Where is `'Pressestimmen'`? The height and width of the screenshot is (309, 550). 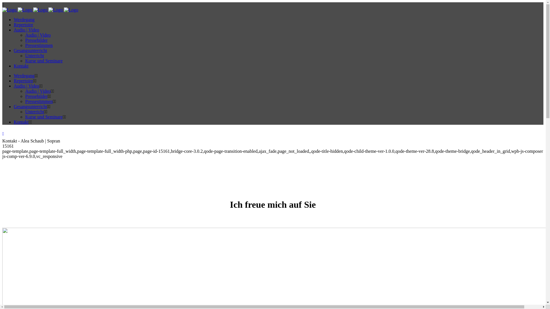 'Pressestimmen' is located at coordinates (38, 45).